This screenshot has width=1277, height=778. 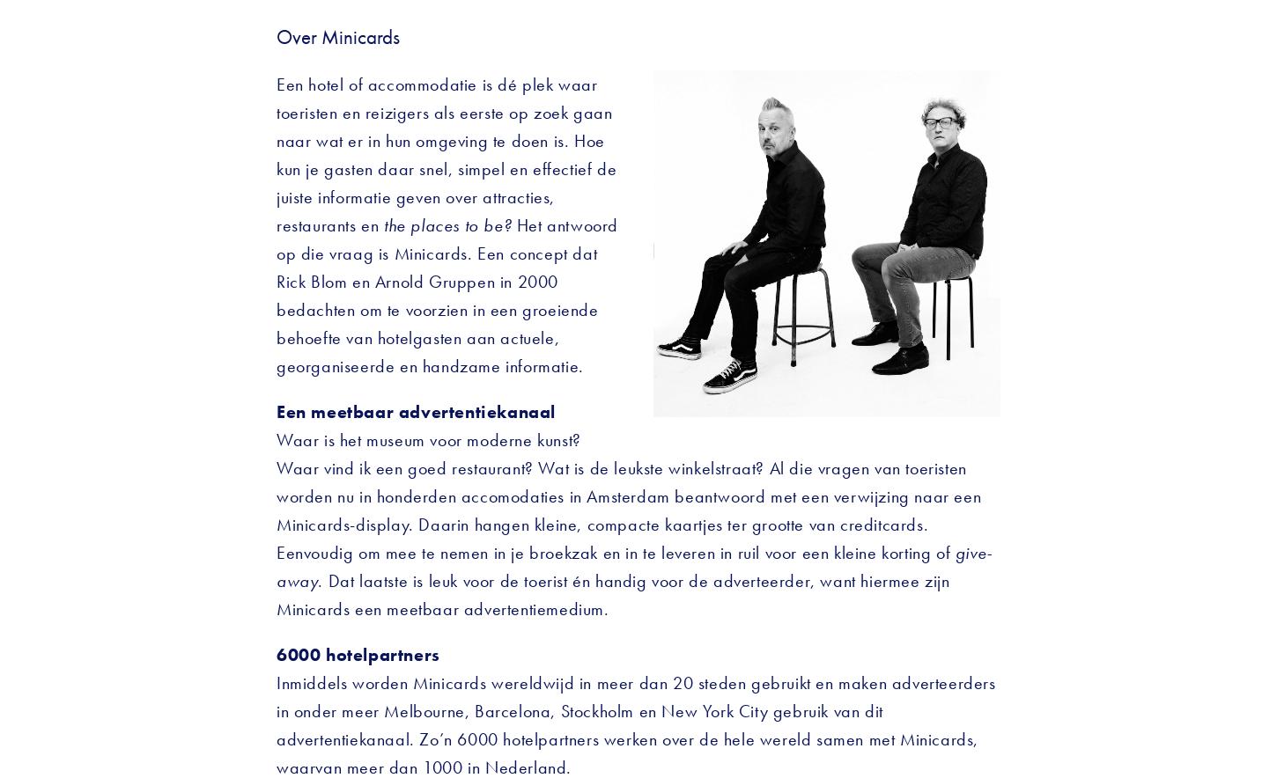 I want to click on 'advertentiekanaal', so click(x=476, y=411).